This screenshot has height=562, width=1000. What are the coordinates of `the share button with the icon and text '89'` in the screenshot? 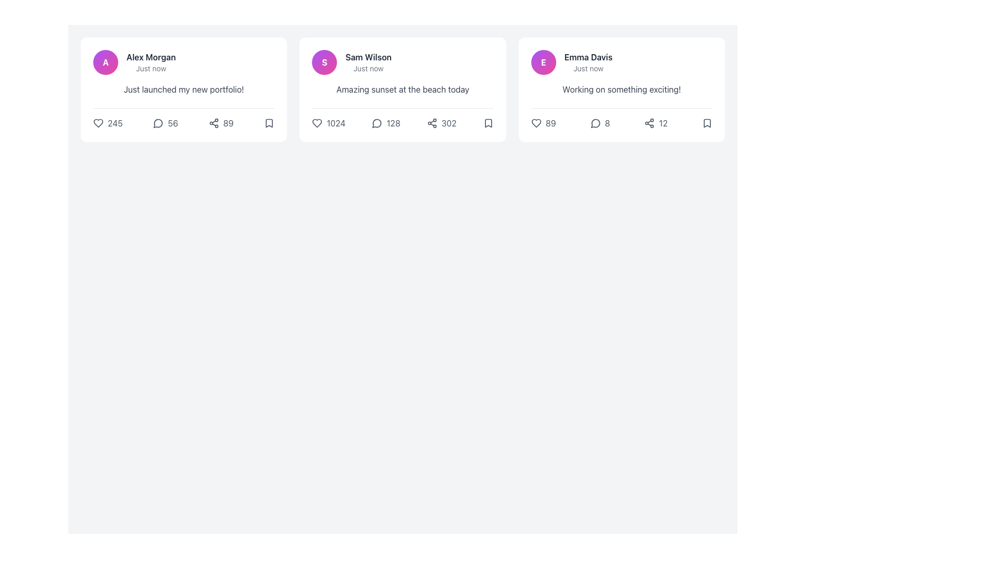 It's located at (220, 122).